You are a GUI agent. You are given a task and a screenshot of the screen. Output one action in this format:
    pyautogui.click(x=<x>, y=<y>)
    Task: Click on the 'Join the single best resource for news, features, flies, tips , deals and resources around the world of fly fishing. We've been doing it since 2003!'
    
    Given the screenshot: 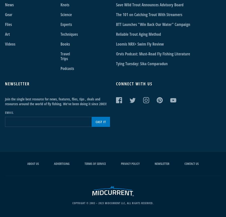 What is the action you would take?
    pyautogui.click(x=56, y=101)
    